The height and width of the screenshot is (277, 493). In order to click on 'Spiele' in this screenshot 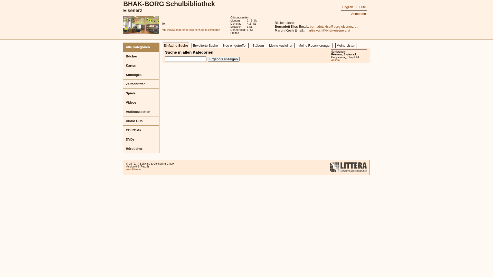, I will do `click(123, 93)`.